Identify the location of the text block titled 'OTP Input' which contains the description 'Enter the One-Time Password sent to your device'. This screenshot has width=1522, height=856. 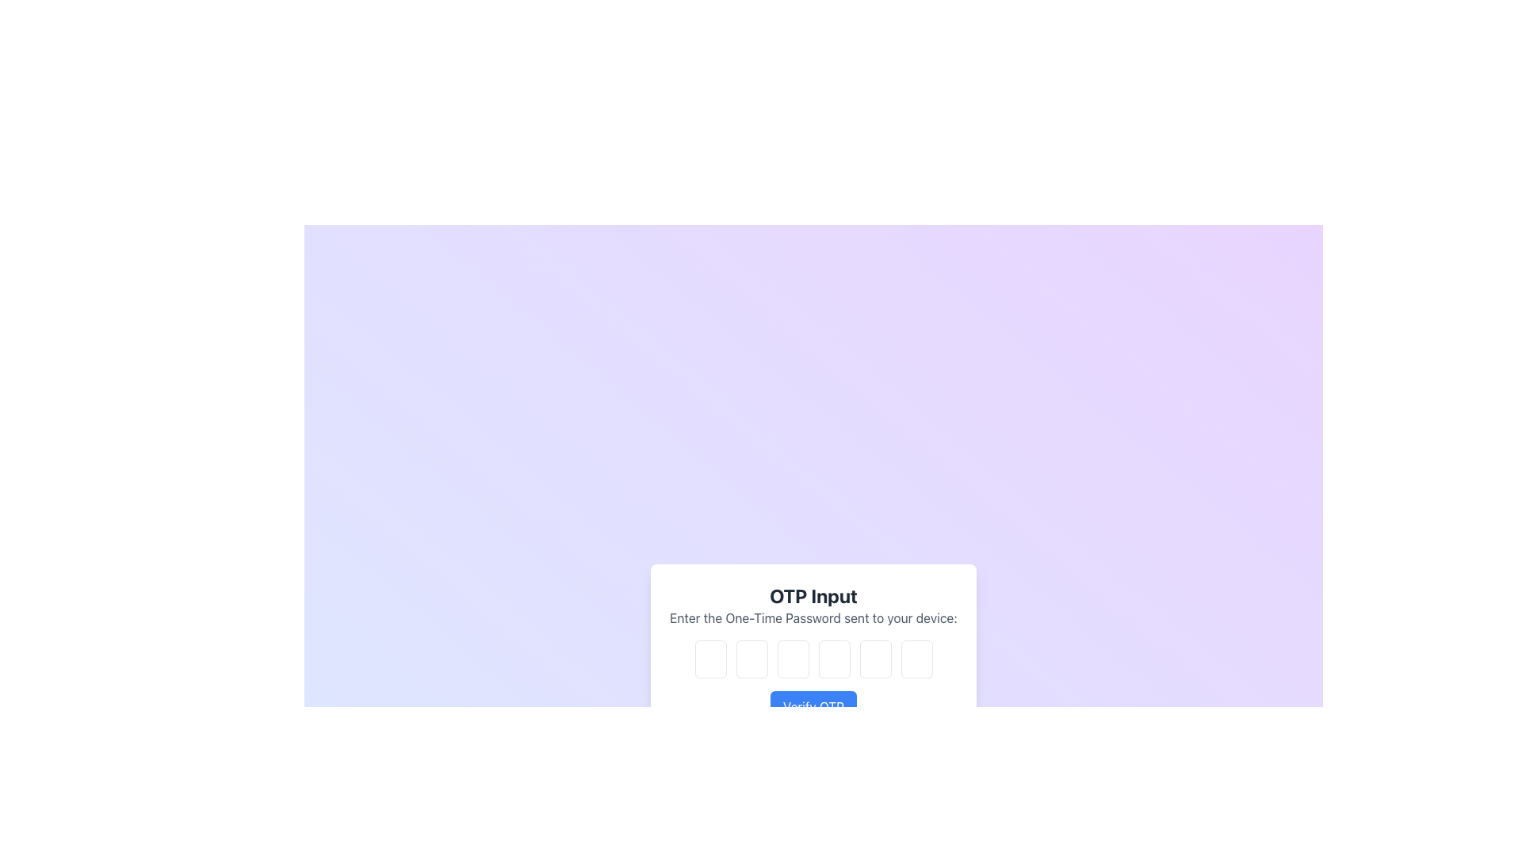
(813, 605).